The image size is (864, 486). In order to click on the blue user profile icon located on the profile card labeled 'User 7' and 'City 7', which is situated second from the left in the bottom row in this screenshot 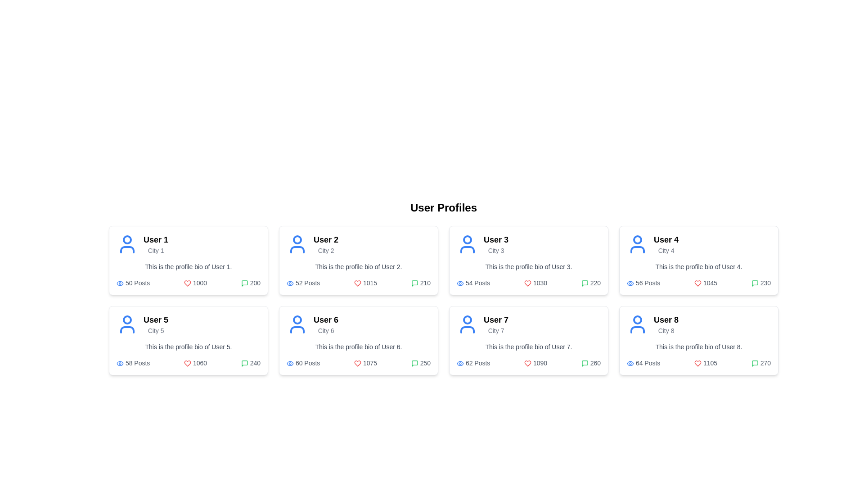, I will do `click(467, 324)`.